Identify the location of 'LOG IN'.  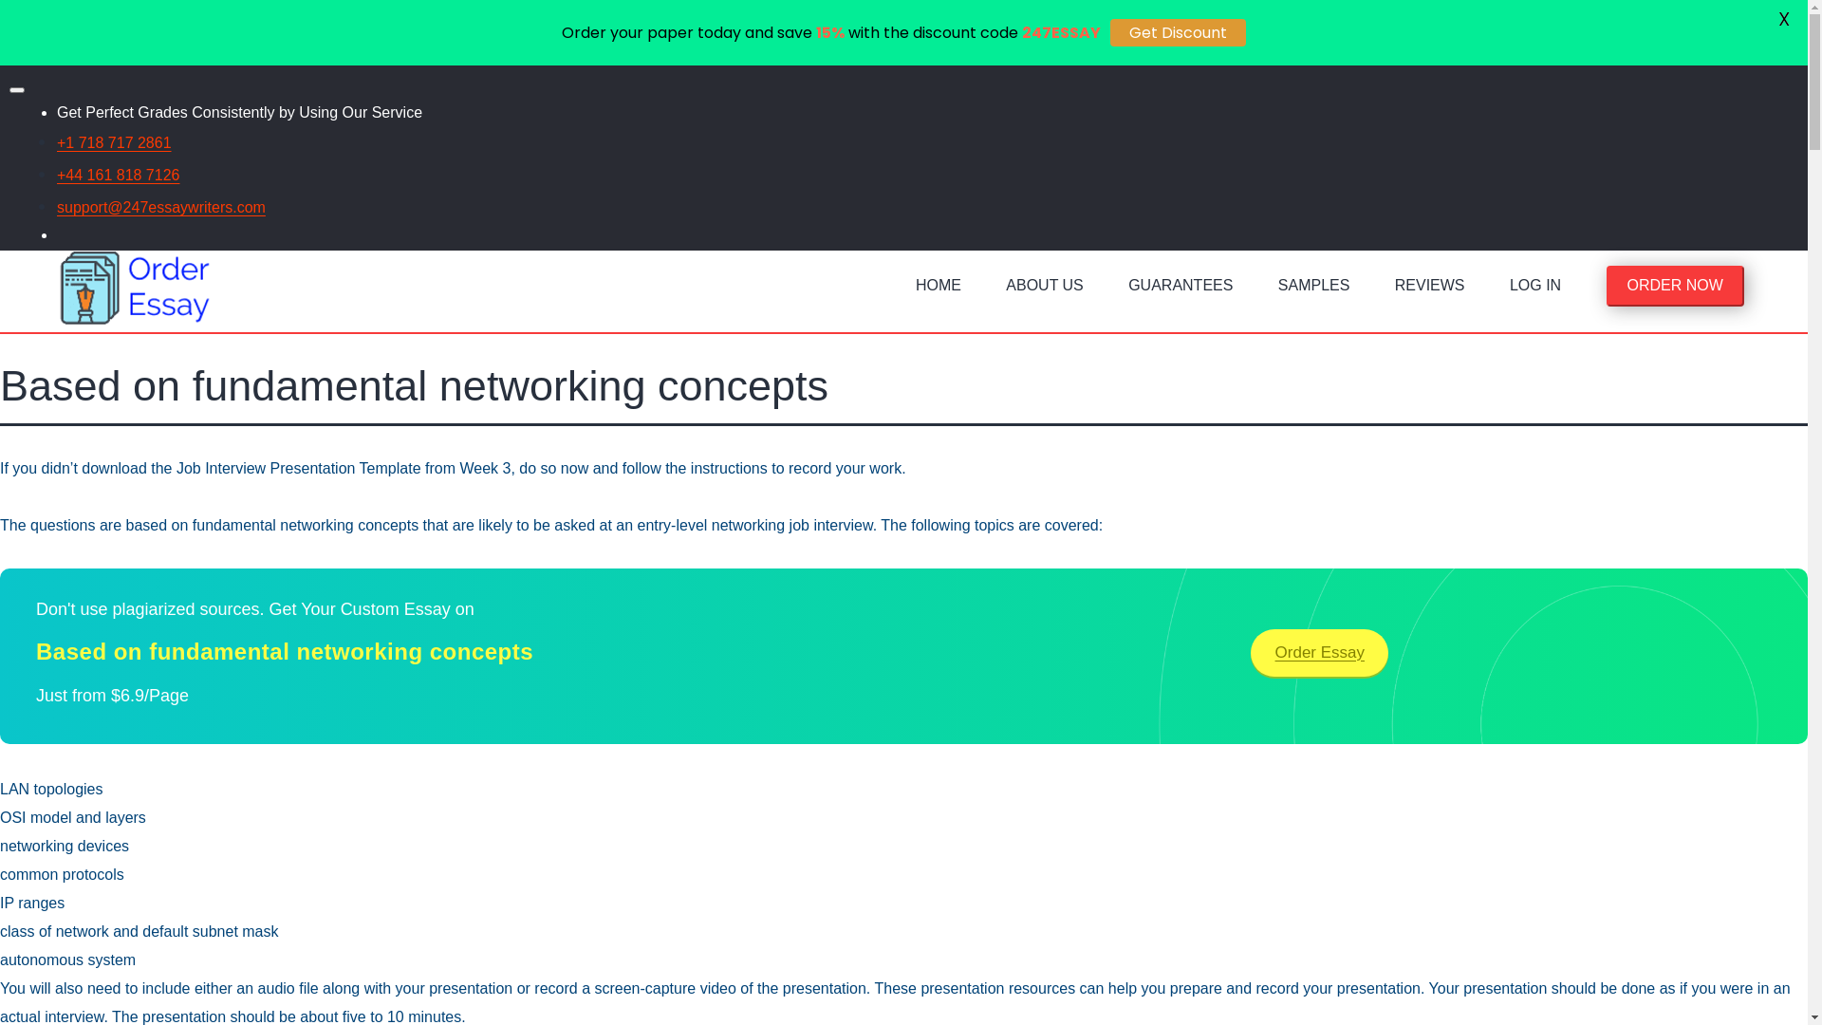
(1535, 290).